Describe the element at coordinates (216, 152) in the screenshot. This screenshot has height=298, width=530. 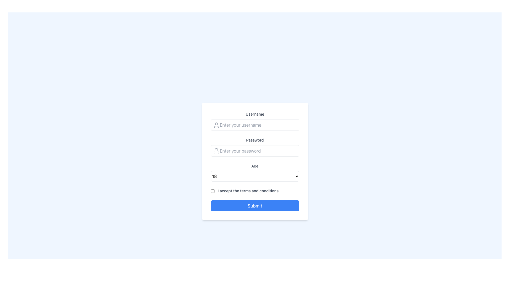
I see `the rectangular SVG component of the lock icon, which has rounded corners and is adjacent to the 'Password' text input field` at that location.